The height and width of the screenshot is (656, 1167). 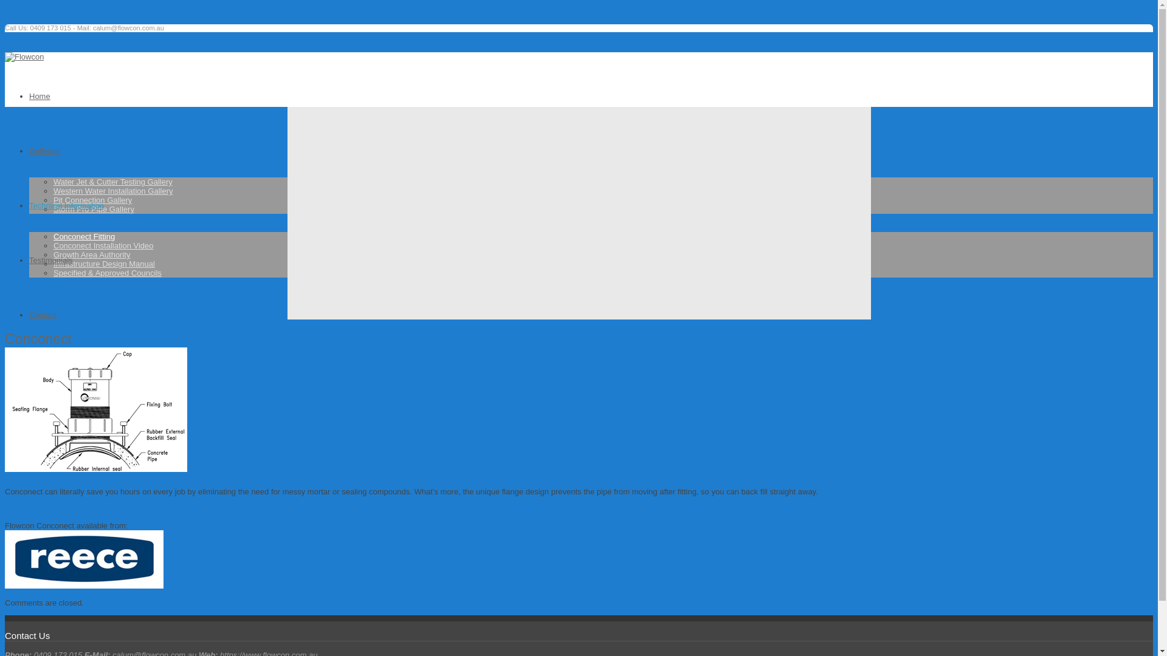 I want to click on 'Specified & Approved Councils', so click(x=108, y=272).